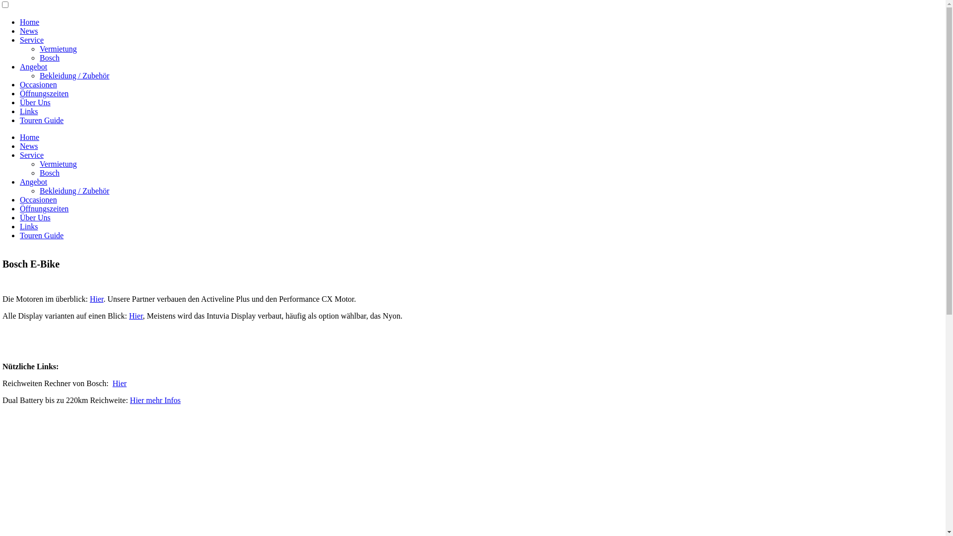  What do you see at coordinates (97, 298) in the screenshot?
I see `'Hier'` at bounding box center [97, 298].